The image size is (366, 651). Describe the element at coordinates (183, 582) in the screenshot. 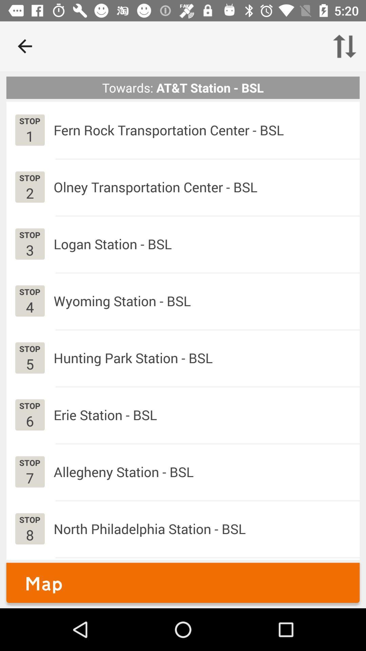

I see `map item` at that location.